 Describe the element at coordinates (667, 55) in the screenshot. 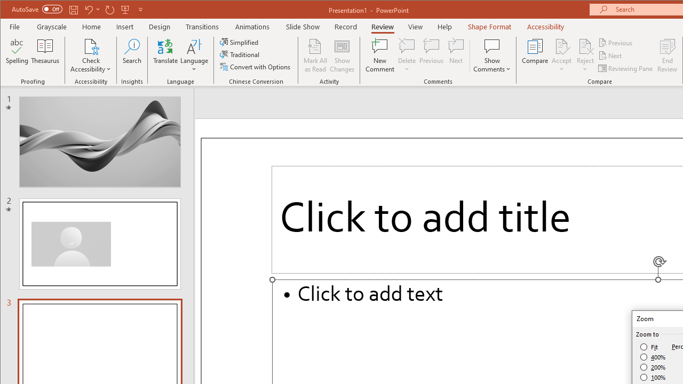

I see `'End Review'` at that location.